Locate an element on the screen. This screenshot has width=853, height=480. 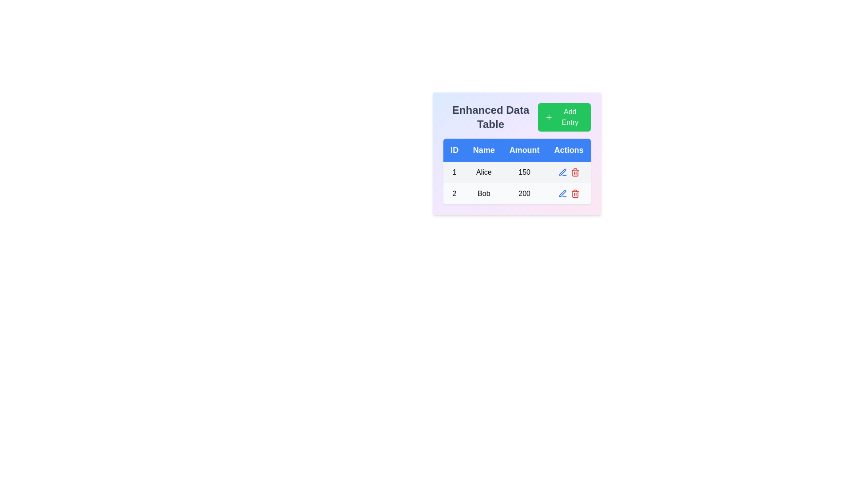
'Enhanced Data Table' title, which is displayed in bold and large font at the top-left corner of the header section above the data table is located at coordinates (517, 116).